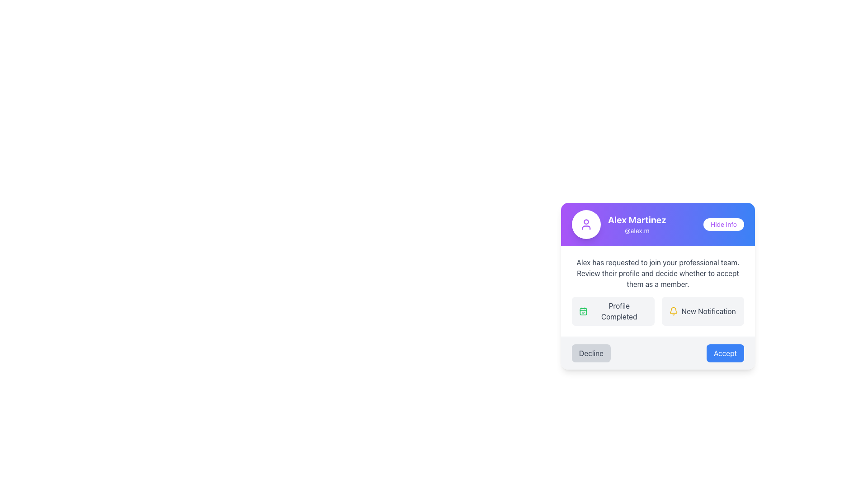 The image size is (868, 488). Describe the element at coordinates (725, 353) in the screenshot. I see `the blue rectangular button labeled 'Accept'` at that location.